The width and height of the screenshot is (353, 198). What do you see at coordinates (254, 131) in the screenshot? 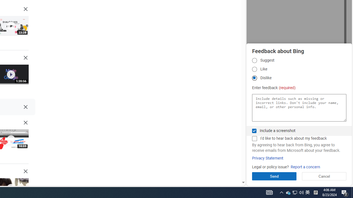
I see `'Include a screenshot Include a screenshot'` at bounding box center [254, 131].